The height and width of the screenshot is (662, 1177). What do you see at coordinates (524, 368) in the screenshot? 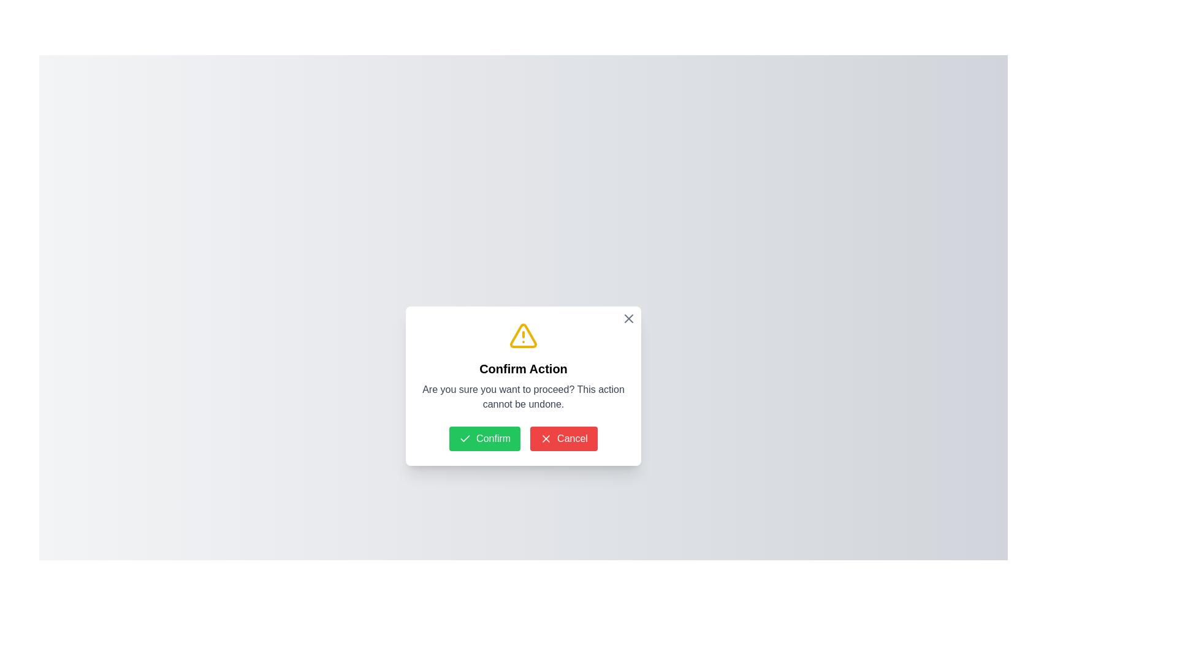
I see `the Text Label that serves as a title for the confirmation dialog, positioned centrally below the warning icon` at bounding box center [524, 368].